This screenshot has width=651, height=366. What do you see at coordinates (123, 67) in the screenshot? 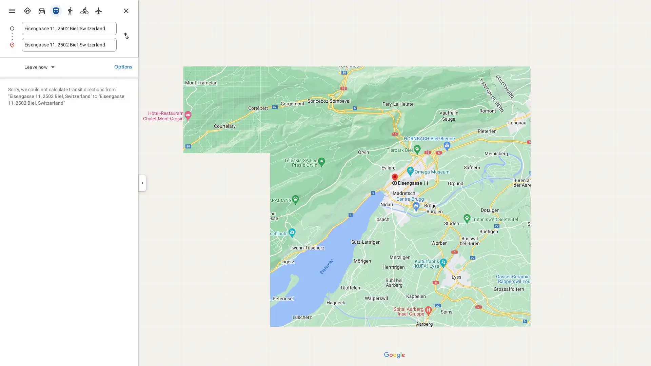
I see `Options` at bounding box center [123, 67].